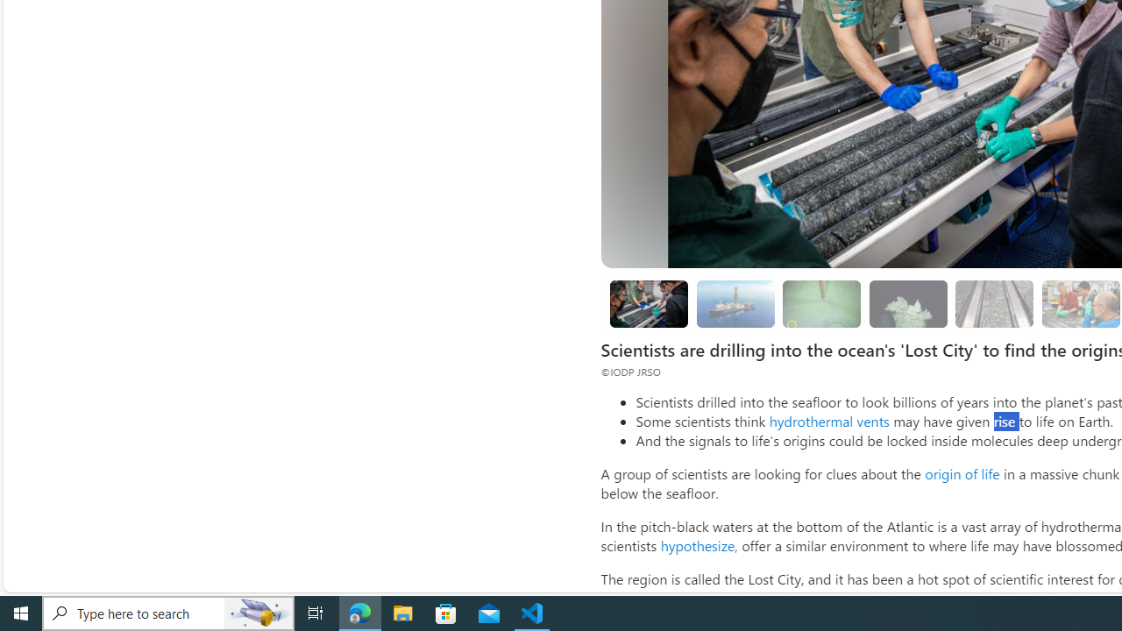 The width and height of the screenshot is (1122, 631). Describe the element at coordinates (1079, 302) in the screenshot. I see `'Looking for evidence of oxygen-free life'` at that location.